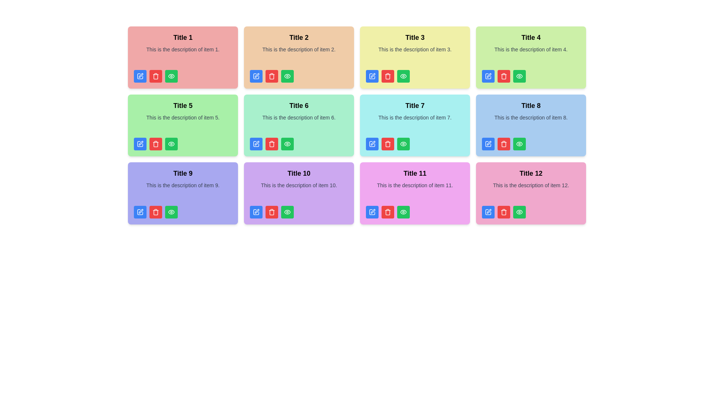 The width and height of the screenshot is (714, 402). Describe the element at coordinates (415, 105) in the screenshot. I see `title from the Text label located in the third column of the second row in the grid layout, which serves as the main title for the associated description and actions` at that location.